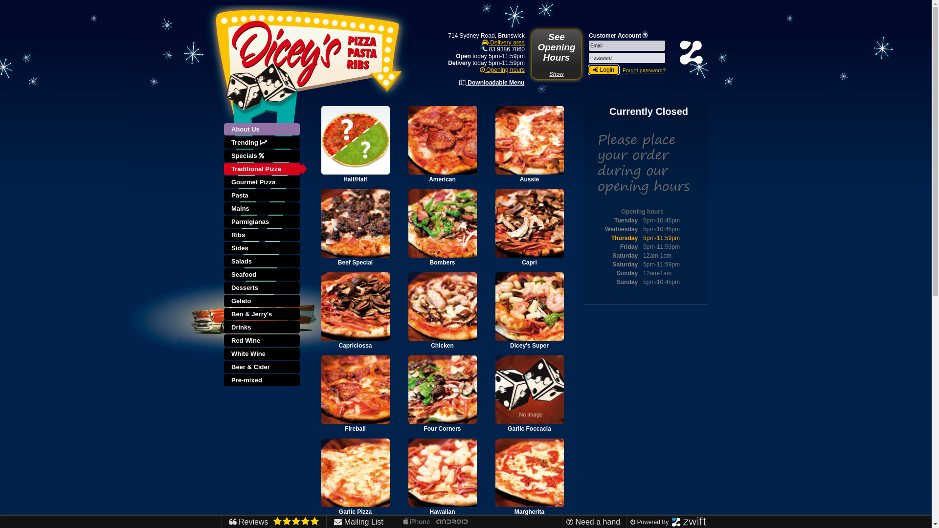 The height and width of the screenshot is (528, 939). I want to click on 'Ribs', so click(263, 235).